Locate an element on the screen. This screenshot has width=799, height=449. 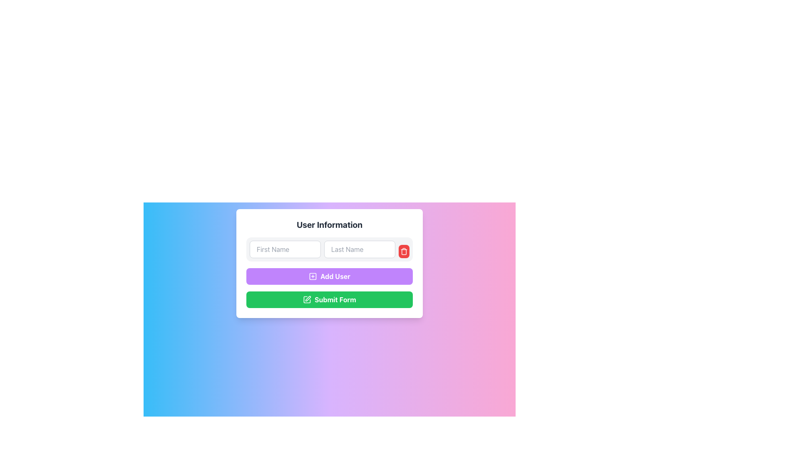
the first text input field for entering the user's first name in the form to focus on it is located at coordinates (285, 249).